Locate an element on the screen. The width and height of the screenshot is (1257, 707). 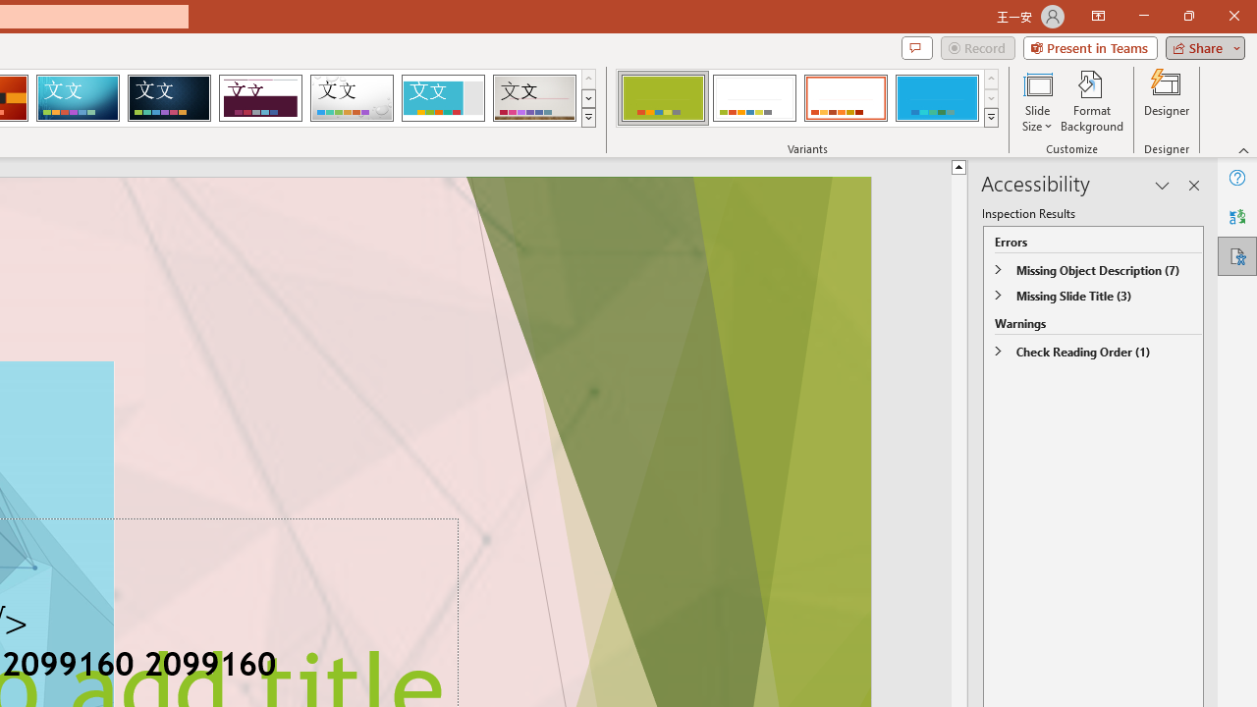
'AutomationID: ThemeVariantsGallery' is located at coordinates (808, 98).